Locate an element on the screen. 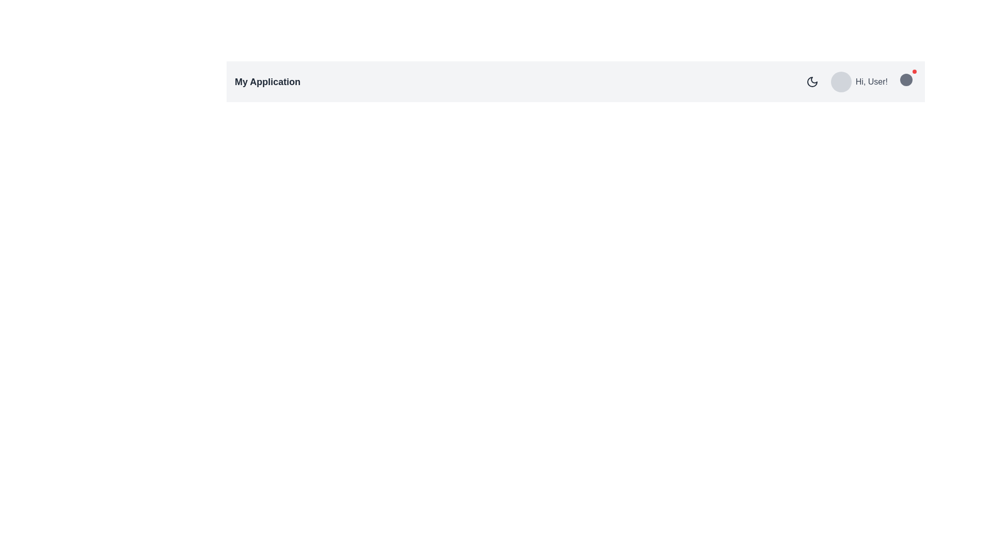  the small, circular gray icon located in the top-right corner of the header bar, adjacent to the user avatar and greeting text is located at coordinates (906, 79).